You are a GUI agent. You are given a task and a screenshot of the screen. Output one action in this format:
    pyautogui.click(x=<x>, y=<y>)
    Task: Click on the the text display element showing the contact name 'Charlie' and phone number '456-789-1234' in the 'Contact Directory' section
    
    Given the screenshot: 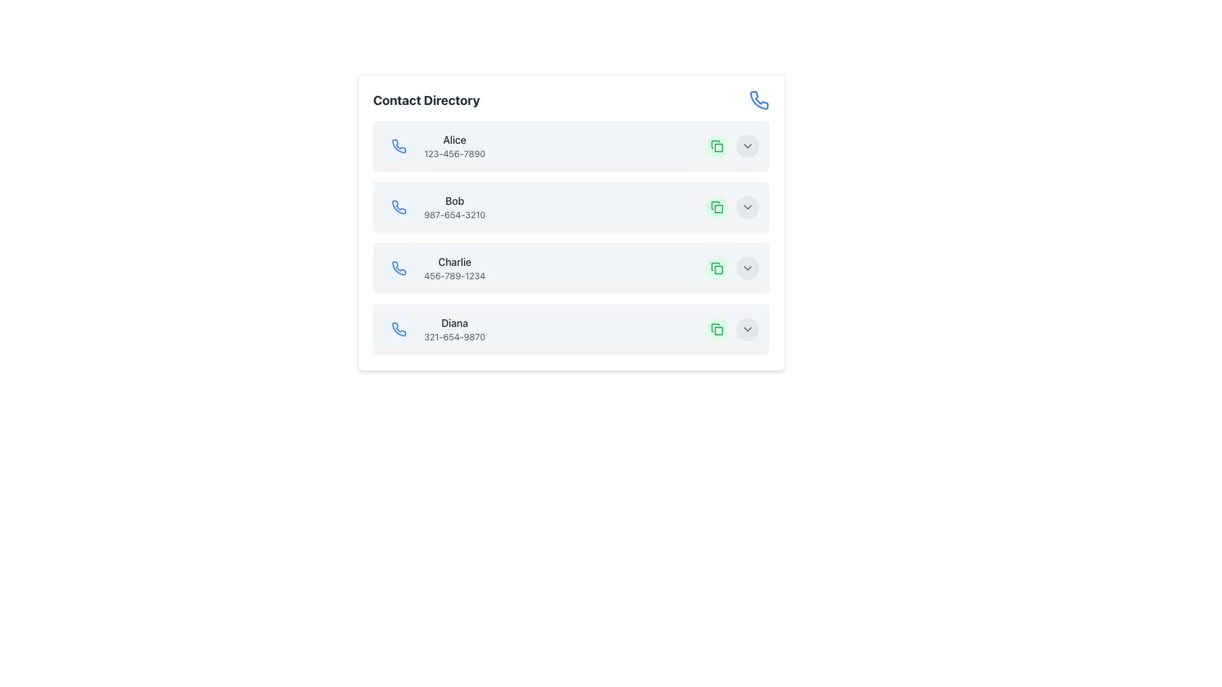 What is the action you would take?
    pyautogui.click(x=454, y=267)
    